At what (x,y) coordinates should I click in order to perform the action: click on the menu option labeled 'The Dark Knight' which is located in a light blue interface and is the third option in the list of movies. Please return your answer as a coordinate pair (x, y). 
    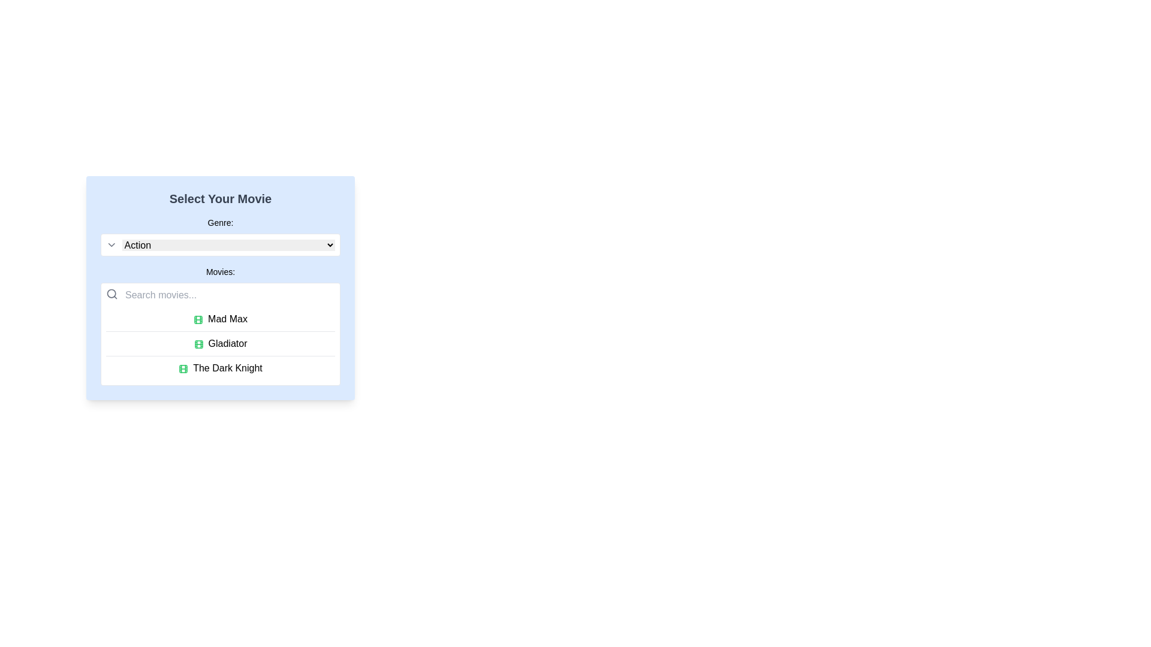
    Looking at the image, I should click on (221, 367).